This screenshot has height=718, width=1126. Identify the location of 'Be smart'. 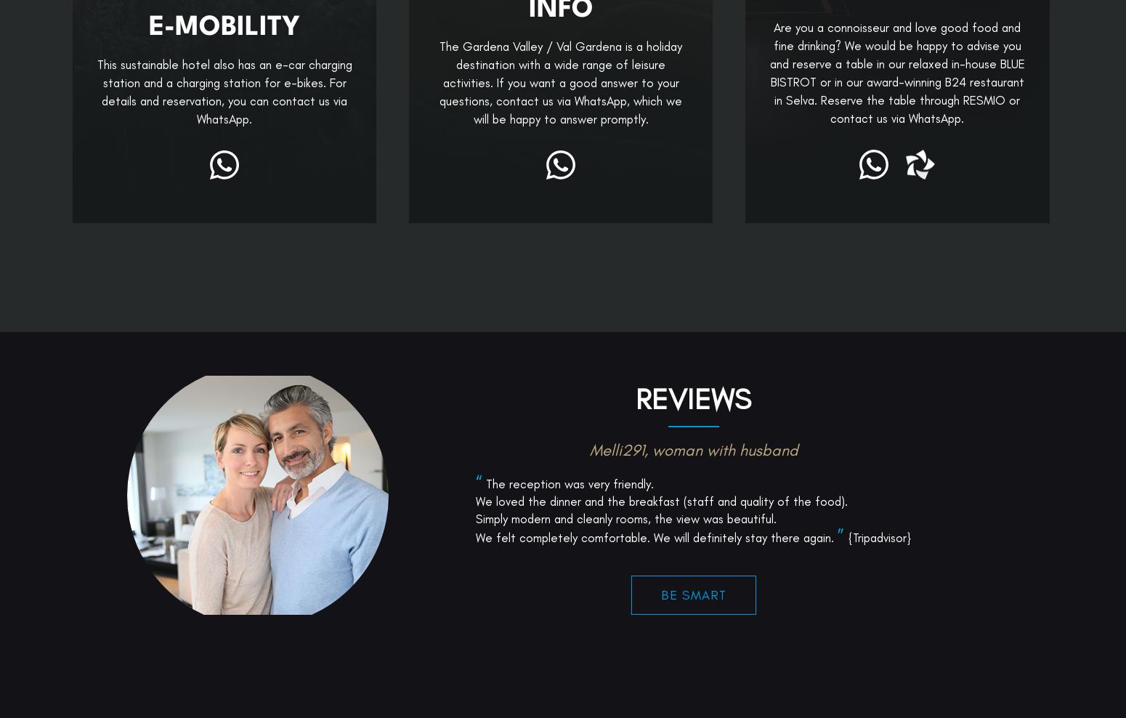
(692, 700).